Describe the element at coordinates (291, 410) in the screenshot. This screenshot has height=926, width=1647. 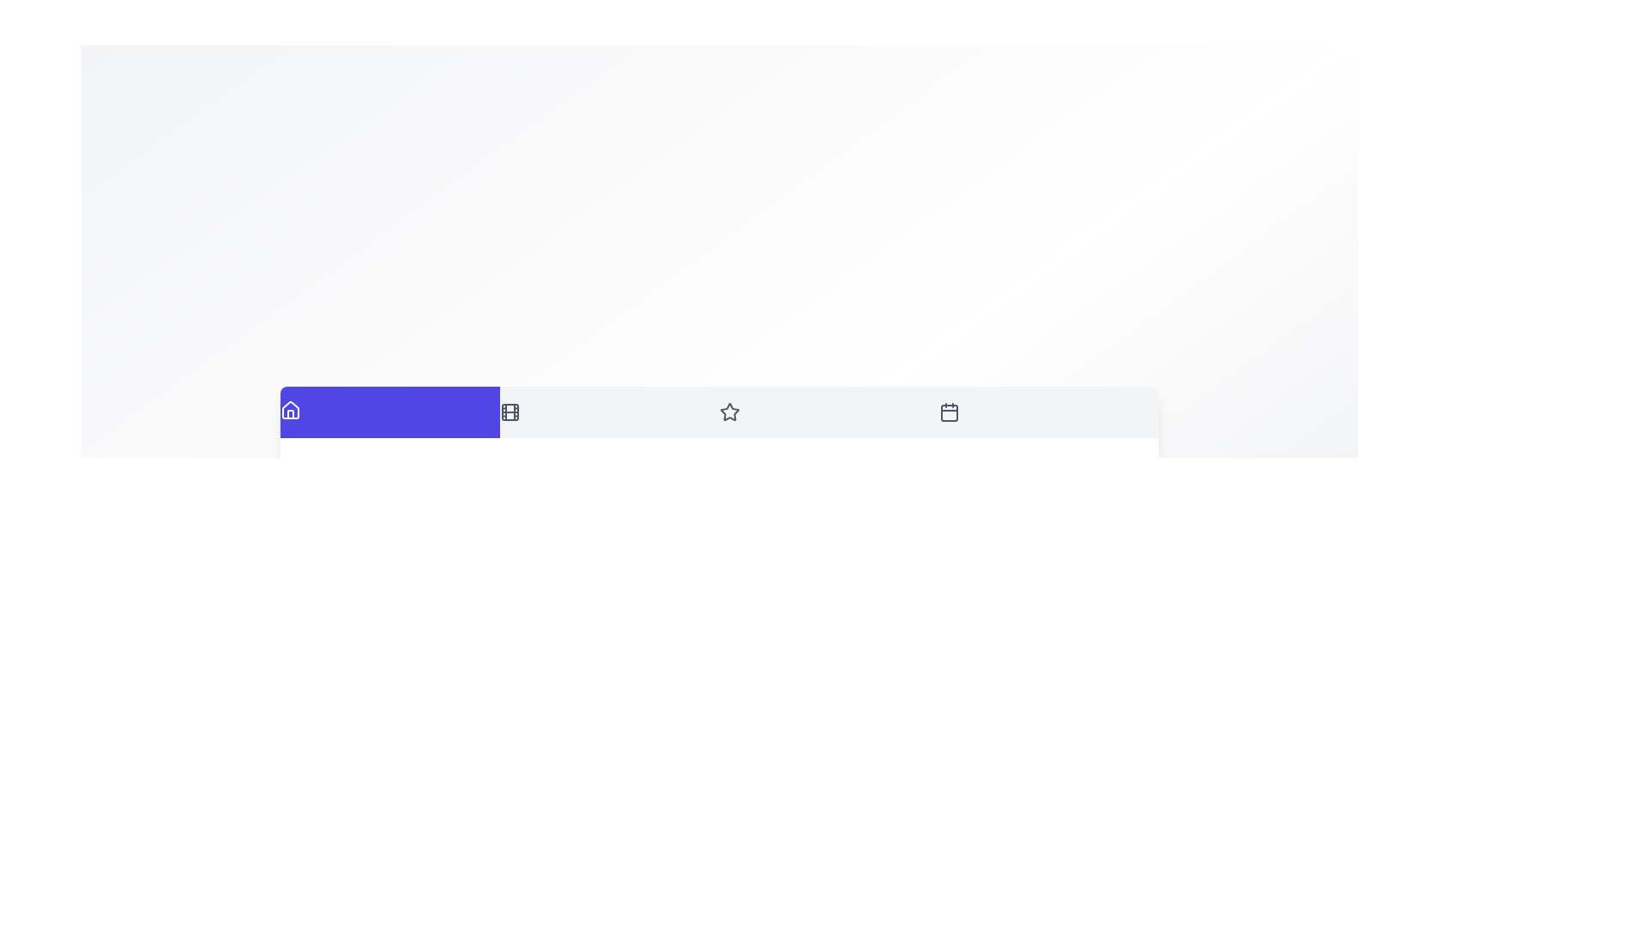
I see `the house icon located in the leftmost segment of the horizontal navigation bar` at that location.